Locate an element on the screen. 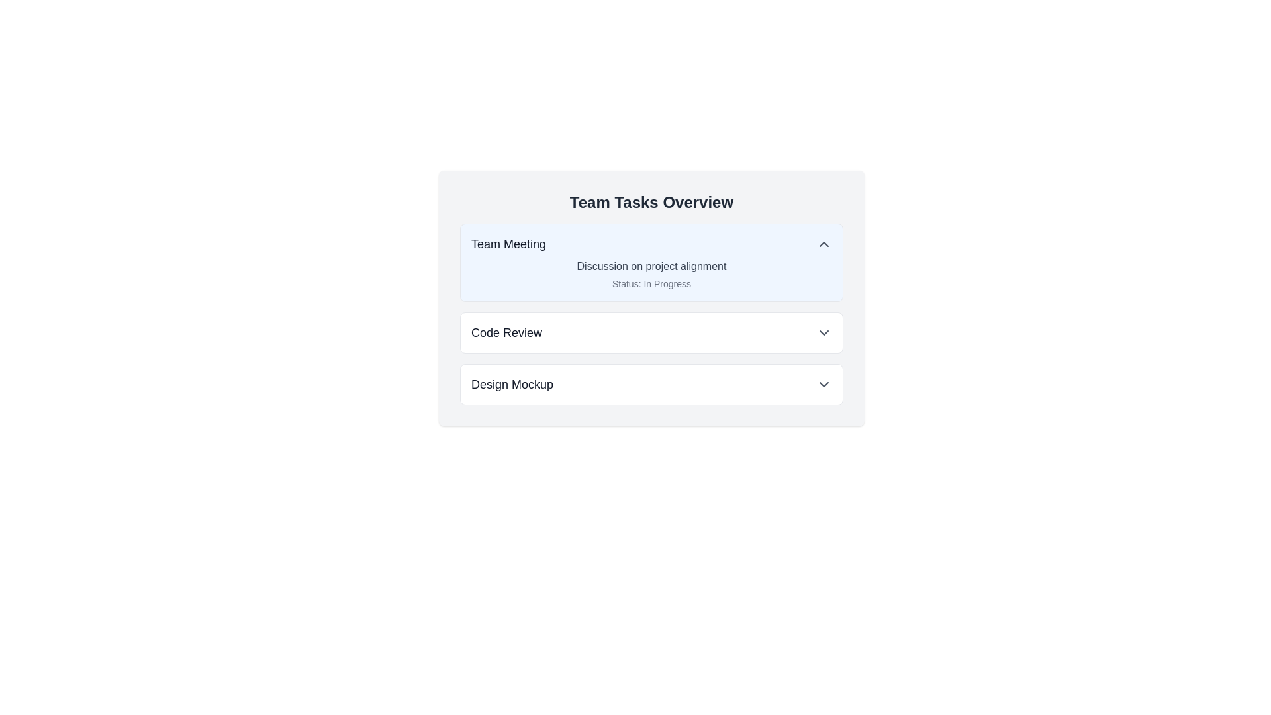 This screenshot has width=1271, height=715. the Text Display element that shows the current topic or title for the 'Team Meeting' section, located just below the header 'Team Meeting' is located at coordinates (651, 266).